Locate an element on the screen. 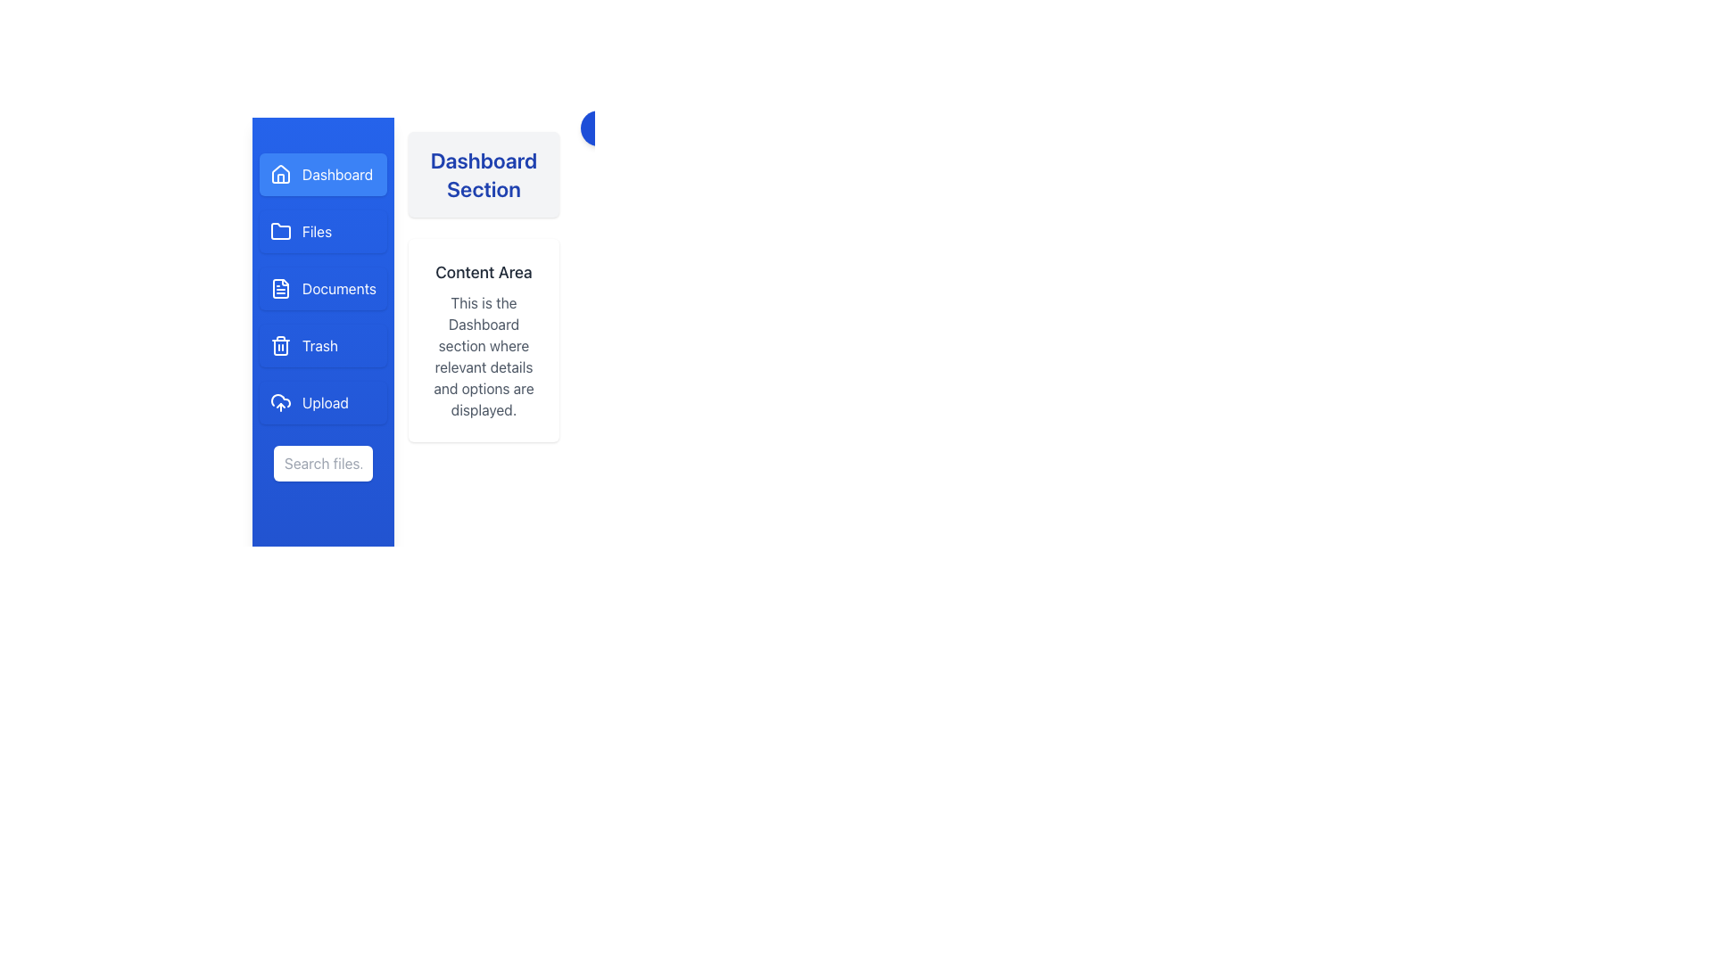  the 'Upload' text label found within the blue button in the left sidebar, which is the fifth button in the vertical sequence is located at coordinates (325, 402).